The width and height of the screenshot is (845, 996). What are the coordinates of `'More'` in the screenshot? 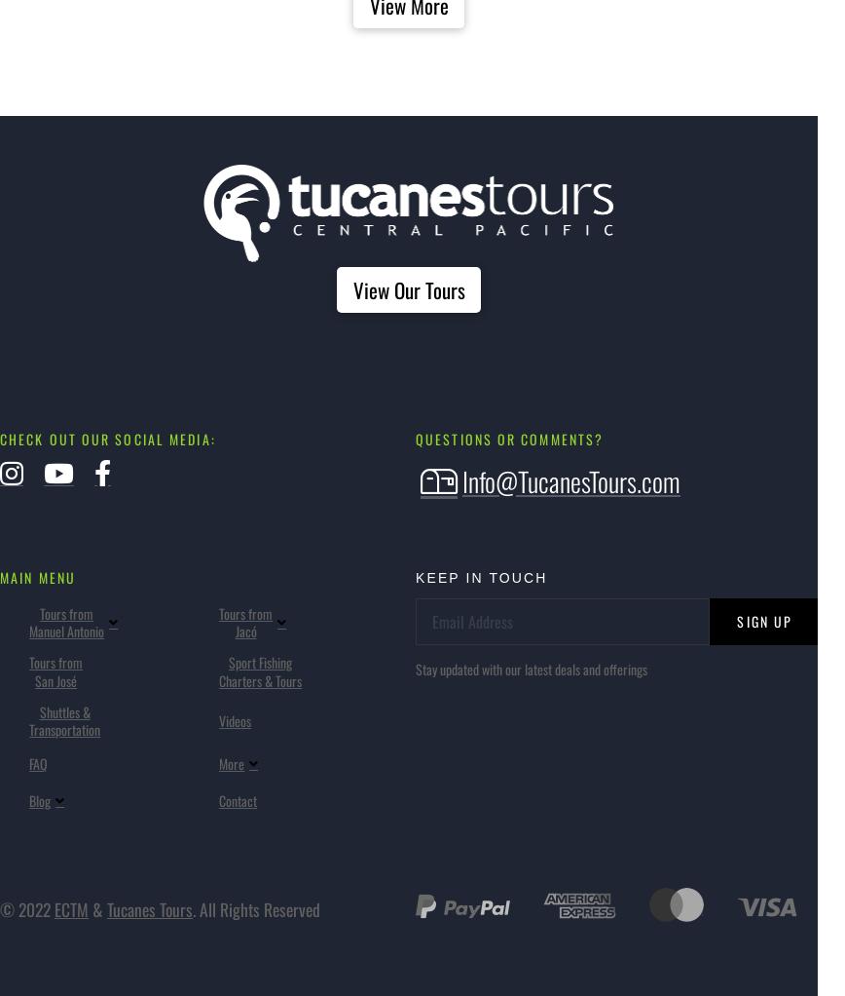 It's located at (231, 763).